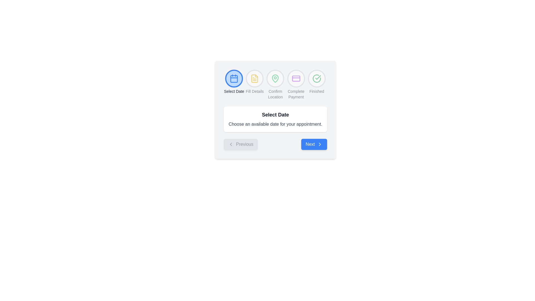  I want to click on the chevron icon, so click(231, 144).